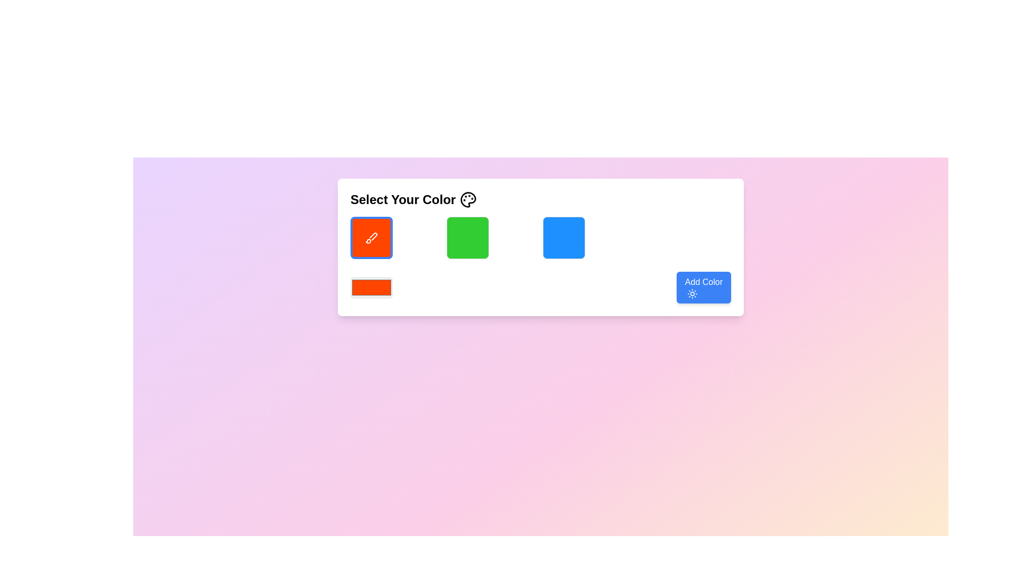 The width and height of the screenshot is (1015, 571). Describe the element at coordinates (371, 238) in the screenshot. I see `the paintbrush icon with a white graphic on a red square background` at that location.